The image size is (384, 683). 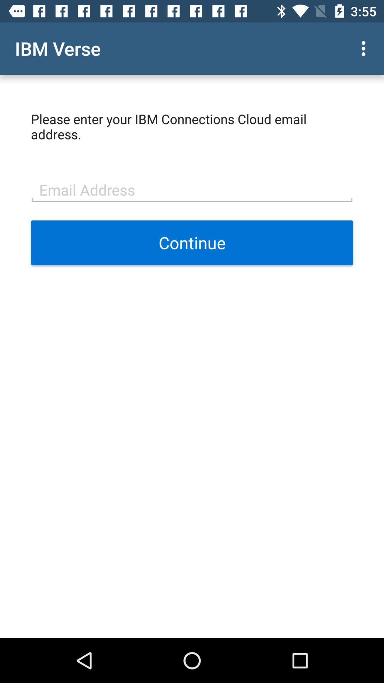 I want to click on item below please enter your item, so click(x=192, y=189).